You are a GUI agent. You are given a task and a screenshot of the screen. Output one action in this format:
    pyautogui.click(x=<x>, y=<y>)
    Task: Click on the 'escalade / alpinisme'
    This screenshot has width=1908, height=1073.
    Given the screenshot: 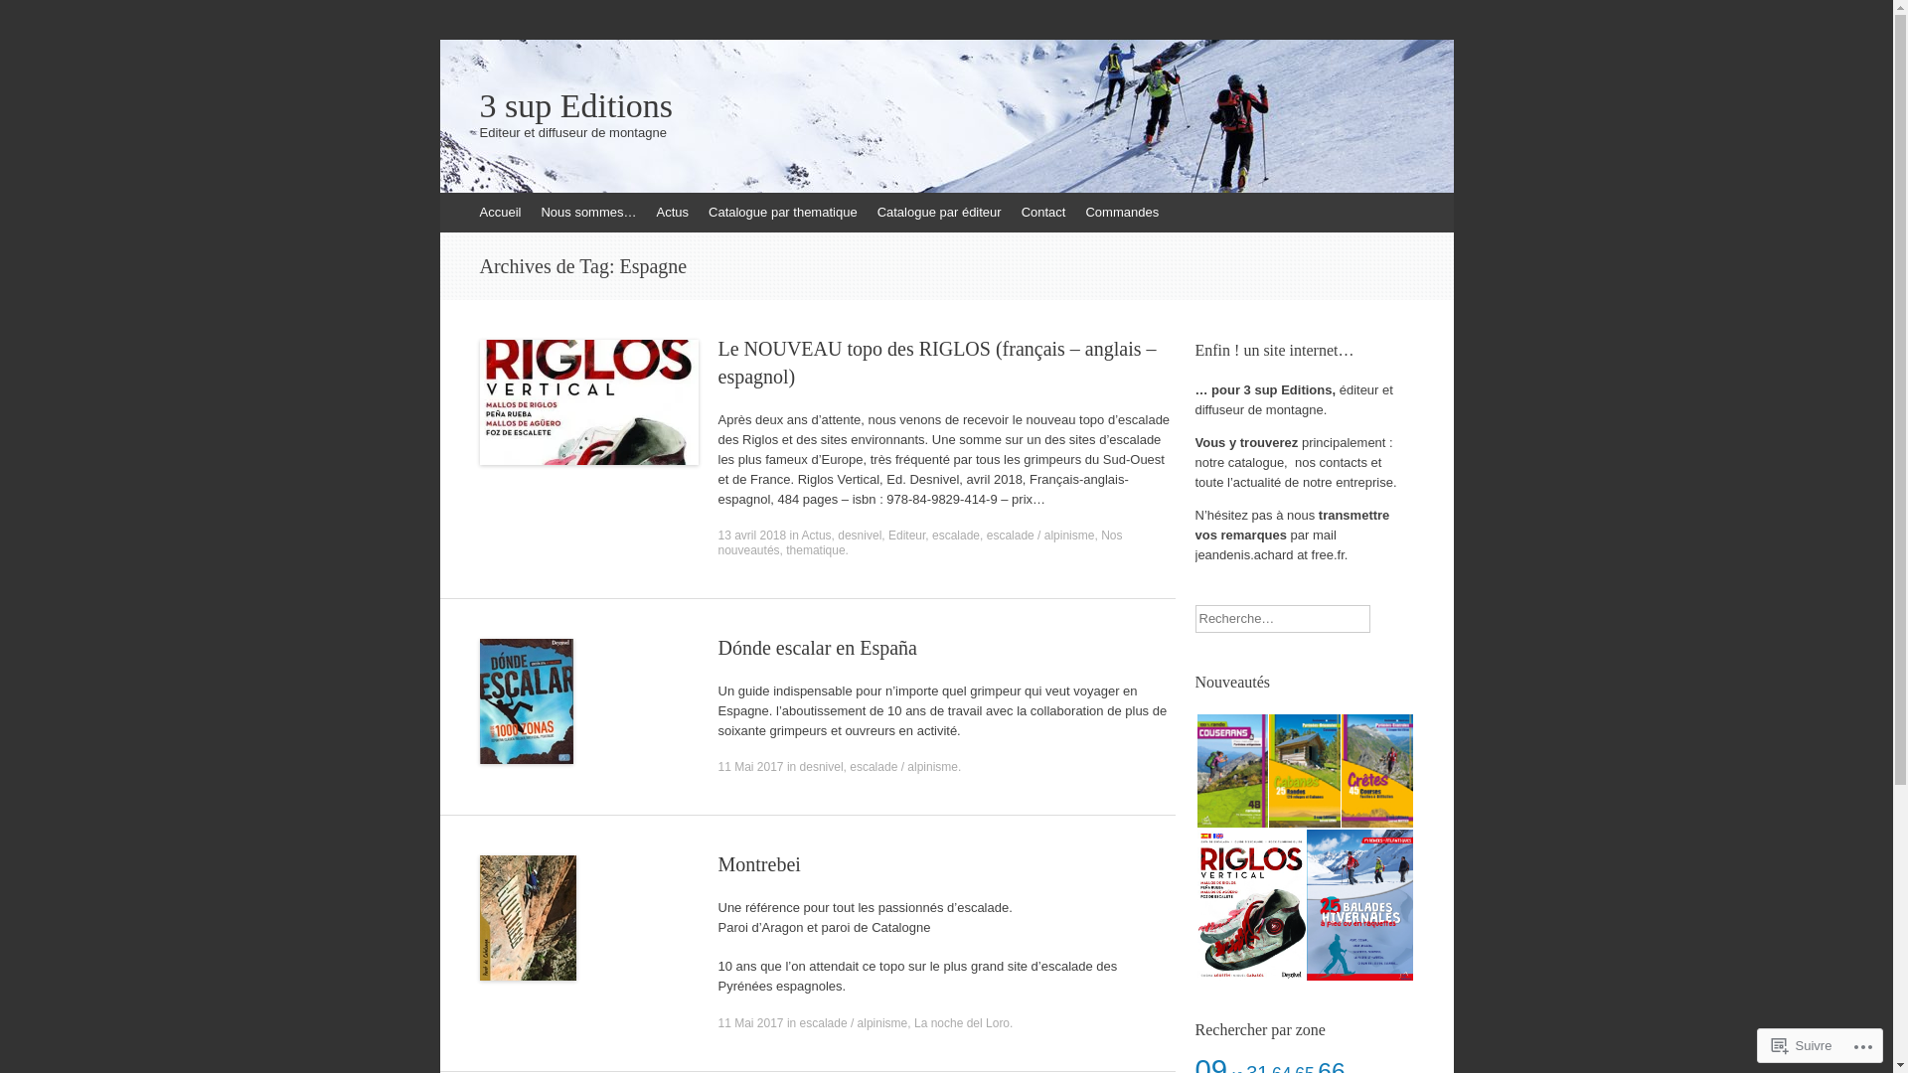 What is the action you would take?
    pyautogui.click(x=854, y=1022)
    